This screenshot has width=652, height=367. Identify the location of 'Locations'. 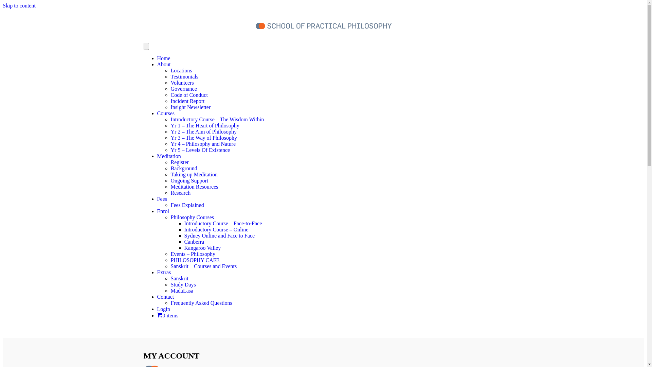
(181, 70).